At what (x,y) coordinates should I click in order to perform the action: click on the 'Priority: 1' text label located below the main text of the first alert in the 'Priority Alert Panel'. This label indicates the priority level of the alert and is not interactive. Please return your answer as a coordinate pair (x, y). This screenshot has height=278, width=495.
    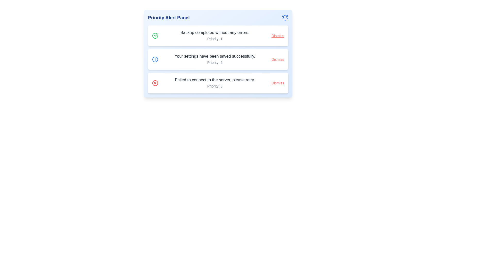
    Looking at the image, I should click on (215, 38).